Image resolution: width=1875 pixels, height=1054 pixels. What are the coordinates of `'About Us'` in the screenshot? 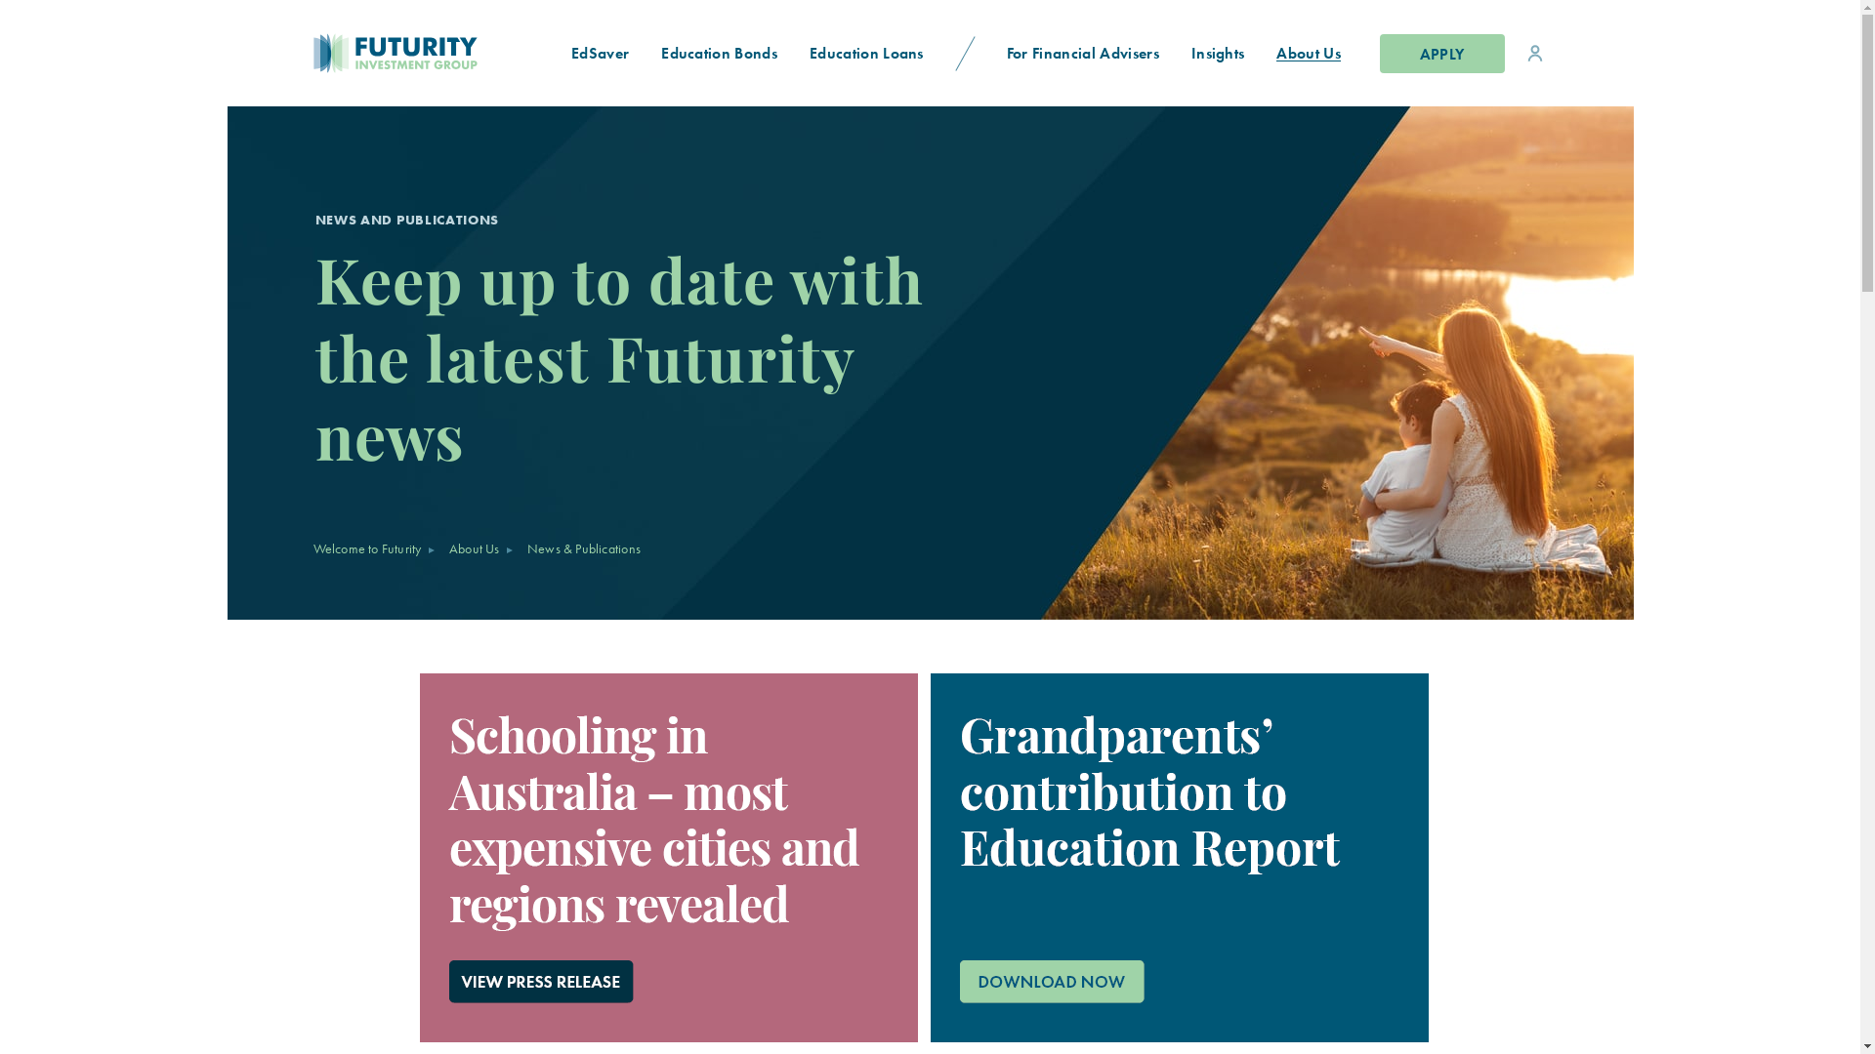 It's located at (474, 548).